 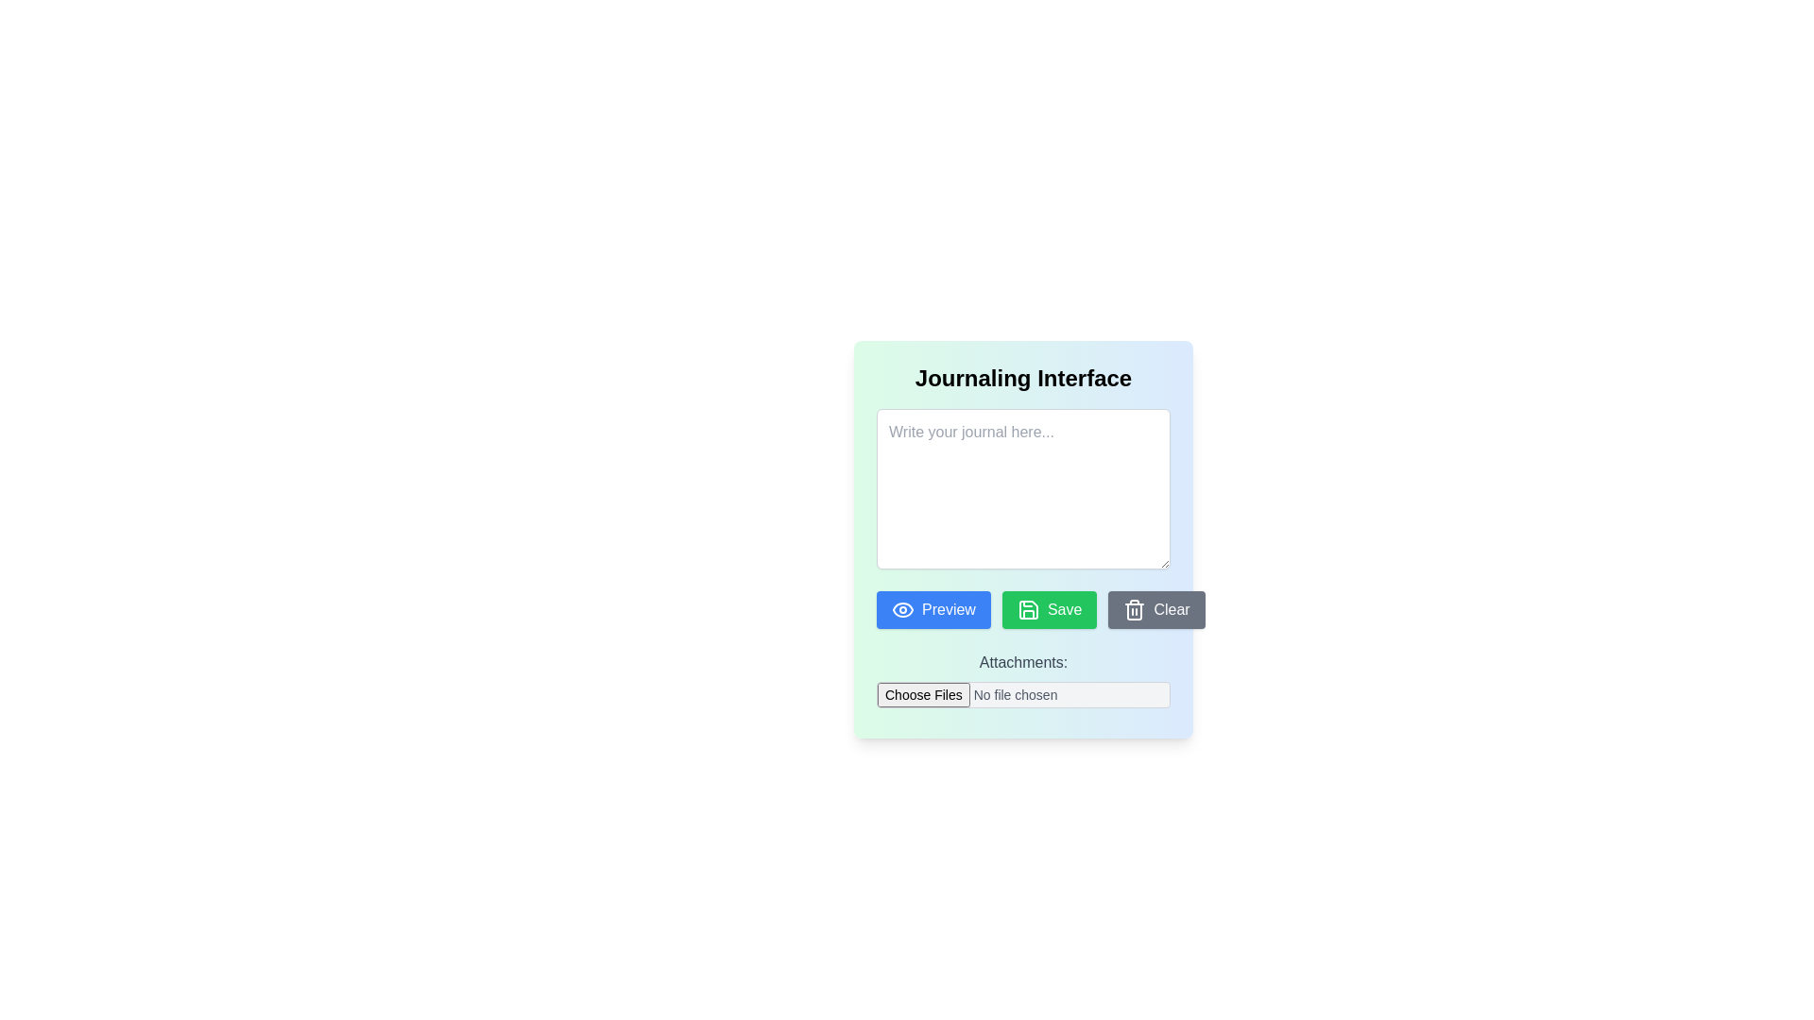 I want to click on the preview button located to the left of the 'Save' and 'Clear' buttons at the bottom of the form, so click(x=933, y=609).